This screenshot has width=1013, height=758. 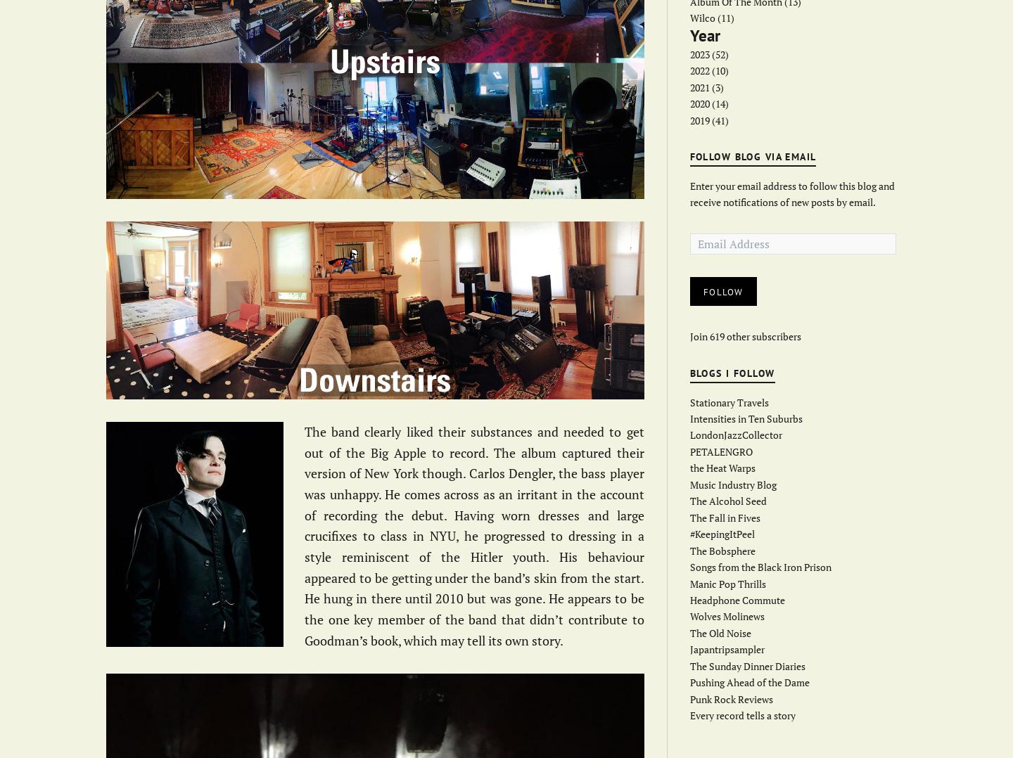 I want to click on 'Wolves Molinews', so click(x=727, y=615).